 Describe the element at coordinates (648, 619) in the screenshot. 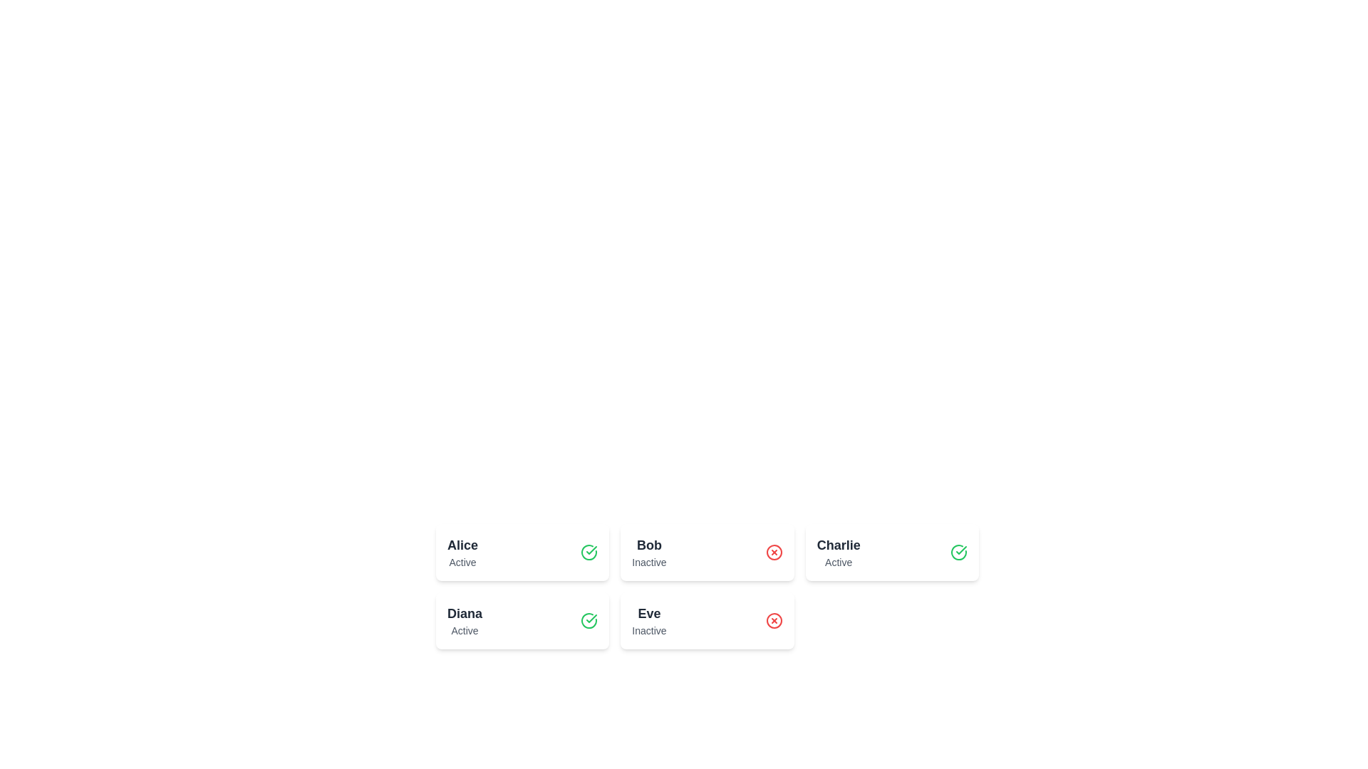

I see `the text label that identifies the user 'Eve' and indicates their status as 'Inactive', located in the second card from the left in the bottom row of cards` at that location.